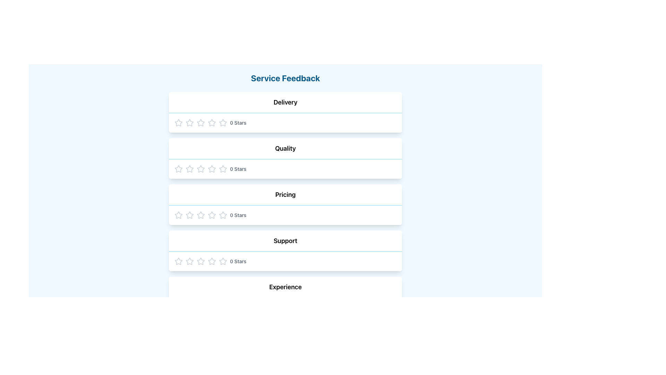  What do you see at coordinates (178, 122) in the screenshot?
I see `the first star icon in the rating system for 'Delivery'` at bounding box center [178, 122].